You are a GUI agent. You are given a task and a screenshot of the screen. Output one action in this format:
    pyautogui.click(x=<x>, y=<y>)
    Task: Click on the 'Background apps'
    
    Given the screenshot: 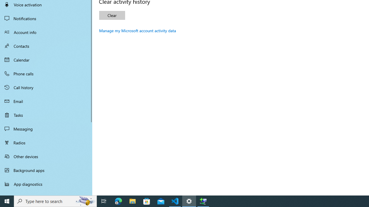 What is the action you would take?
    pyautogui.click(x=46, y=170)
    